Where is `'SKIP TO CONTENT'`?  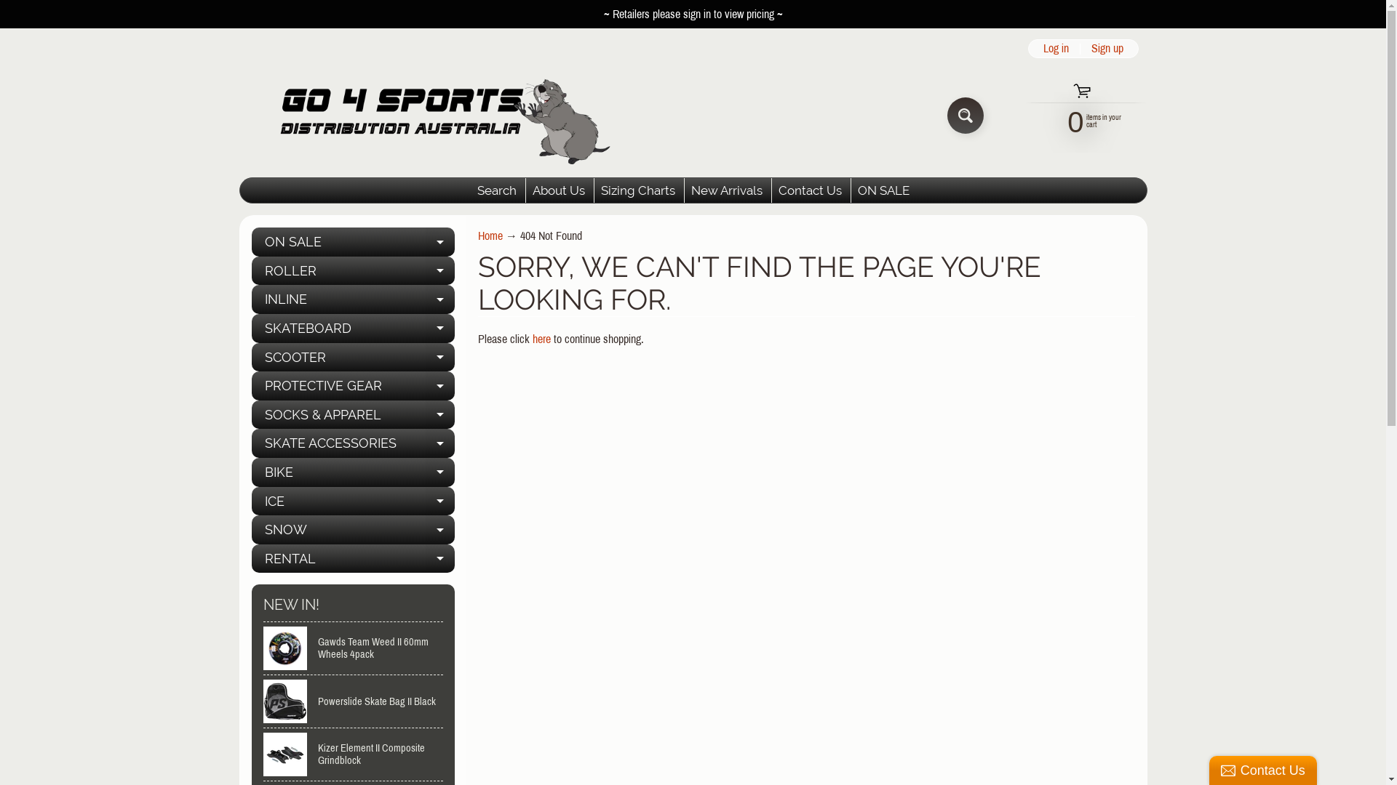 'SKIP TO CONTENT' is located at coordinates (0, 8).